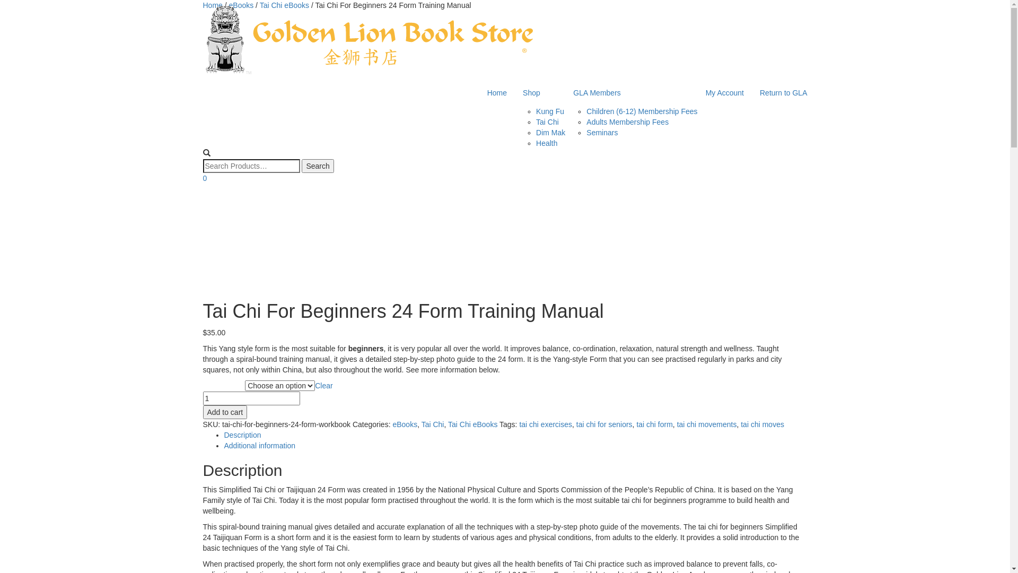 The image size is (1018, 573). What do you see at coordinates (317, 166) in the screenshot?
I see `'Search'` at bounding box center [317, 166].